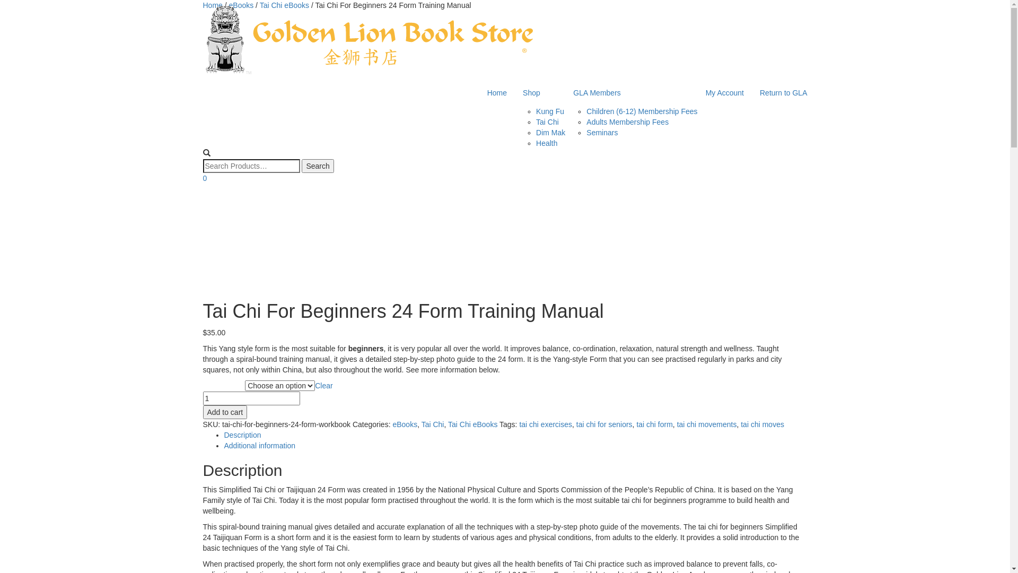 The image size is (1018, 573). What do you see at coordinates (317, 166) in the screenshot?
I see `'Search'` at bounding box center [317, 166].